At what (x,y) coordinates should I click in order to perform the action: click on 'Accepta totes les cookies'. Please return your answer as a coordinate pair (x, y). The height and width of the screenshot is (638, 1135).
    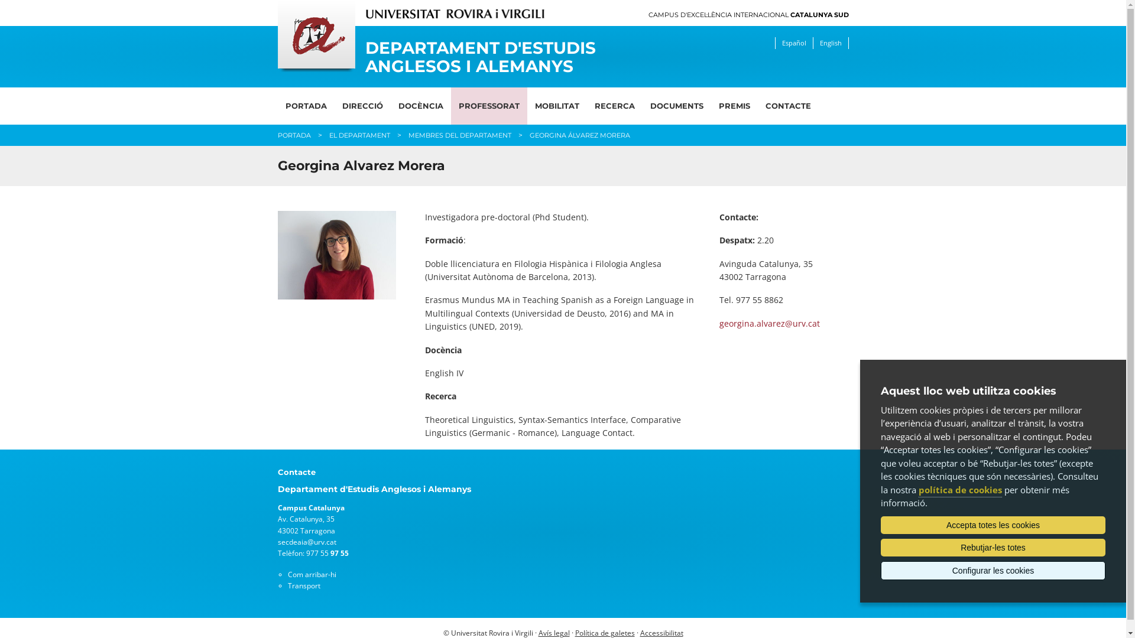
    Looking at the image, I should click on (993, 524).